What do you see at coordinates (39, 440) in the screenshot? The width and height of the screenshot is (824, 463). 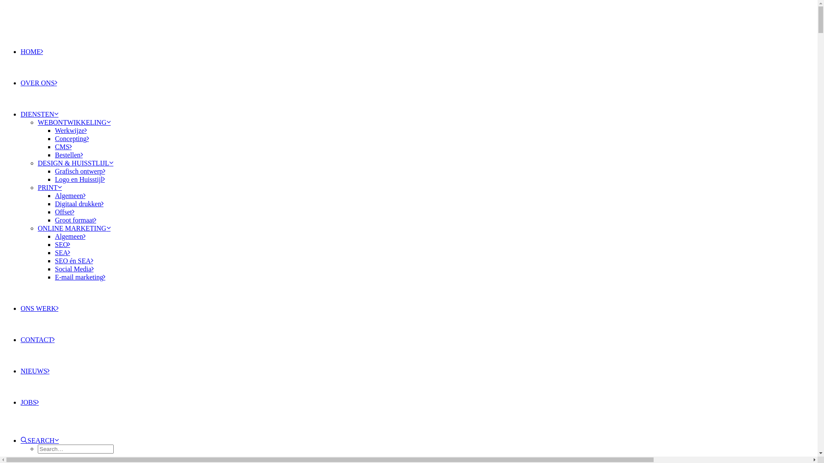 I see `'SEARCH'` at bounding box center [39, 440].